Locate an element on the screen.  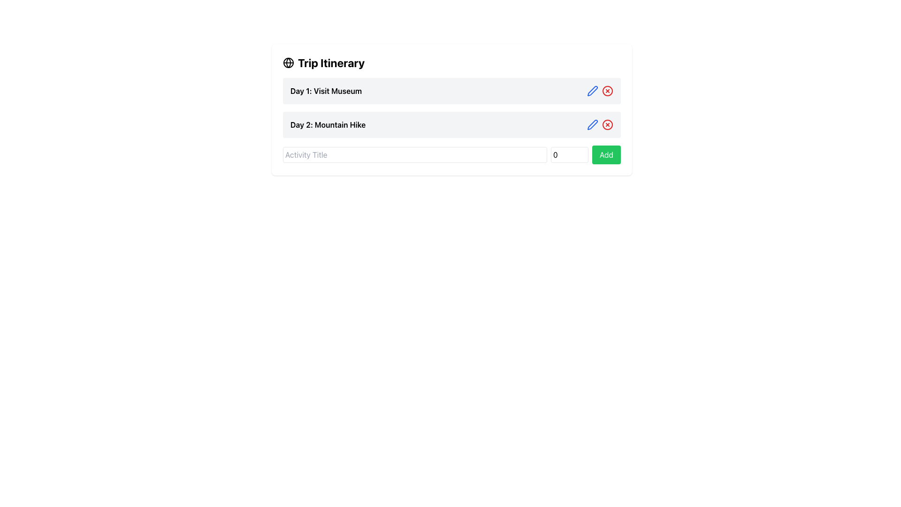
the rightmost button in the itinerary section is located at coordinates (606, 154).